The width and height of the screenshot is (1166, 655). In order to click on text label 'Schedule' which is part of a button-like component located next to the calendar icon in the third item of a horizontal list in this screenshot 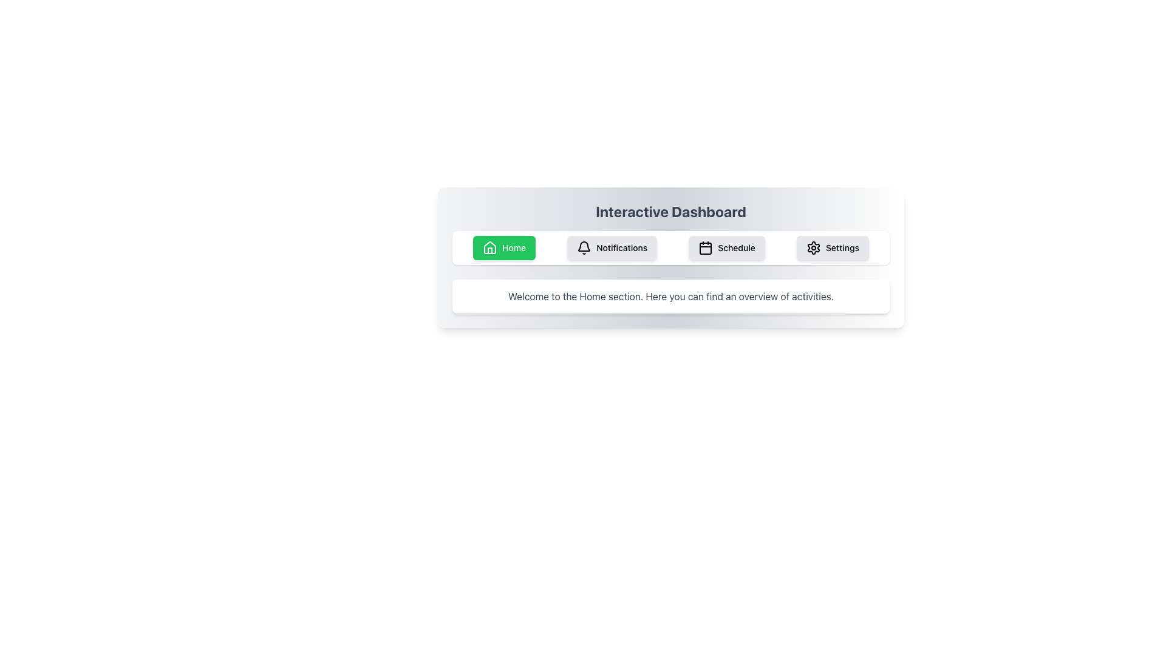, I will do `click(736, 247)`.